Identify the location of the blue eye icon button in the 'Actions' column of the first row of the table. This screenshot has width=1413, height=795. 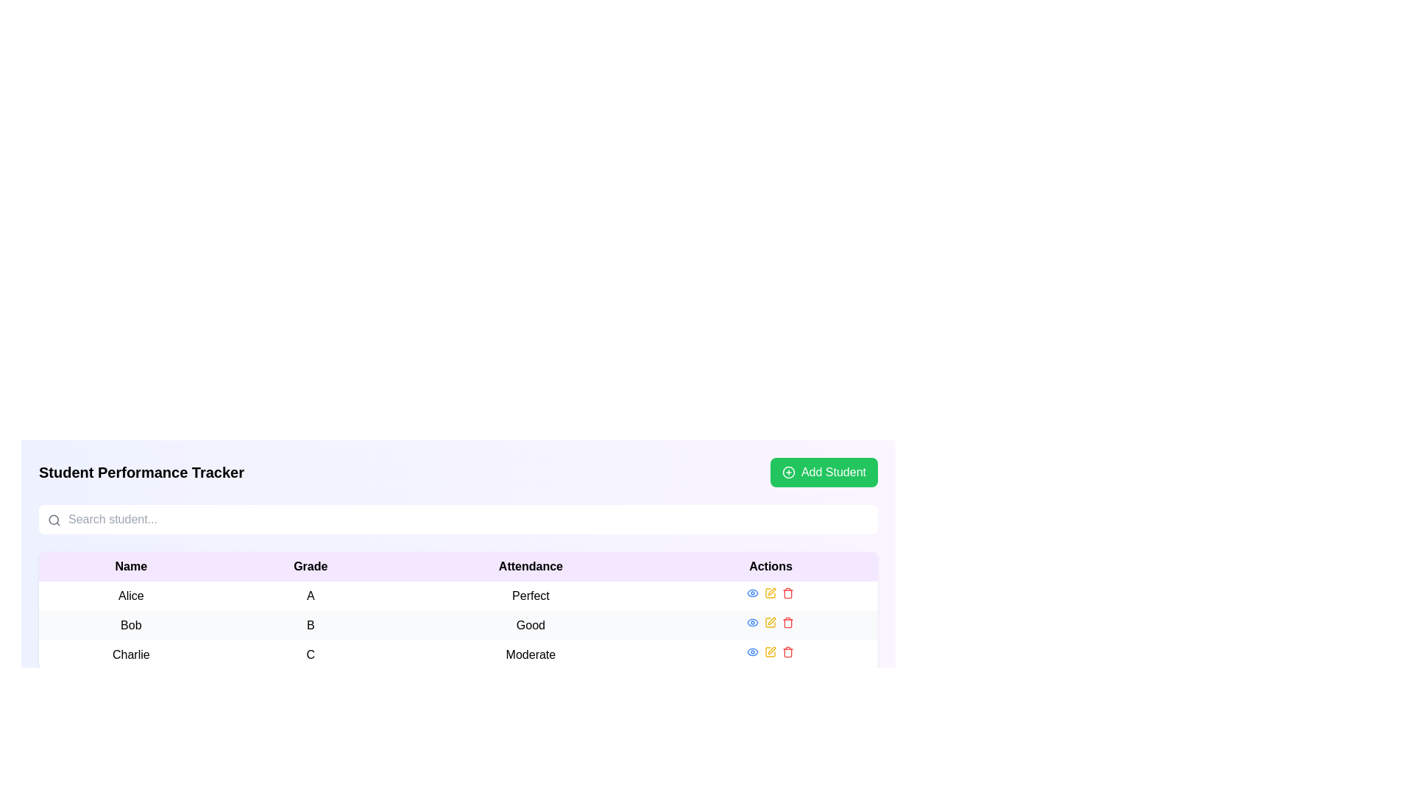
(753, 593).